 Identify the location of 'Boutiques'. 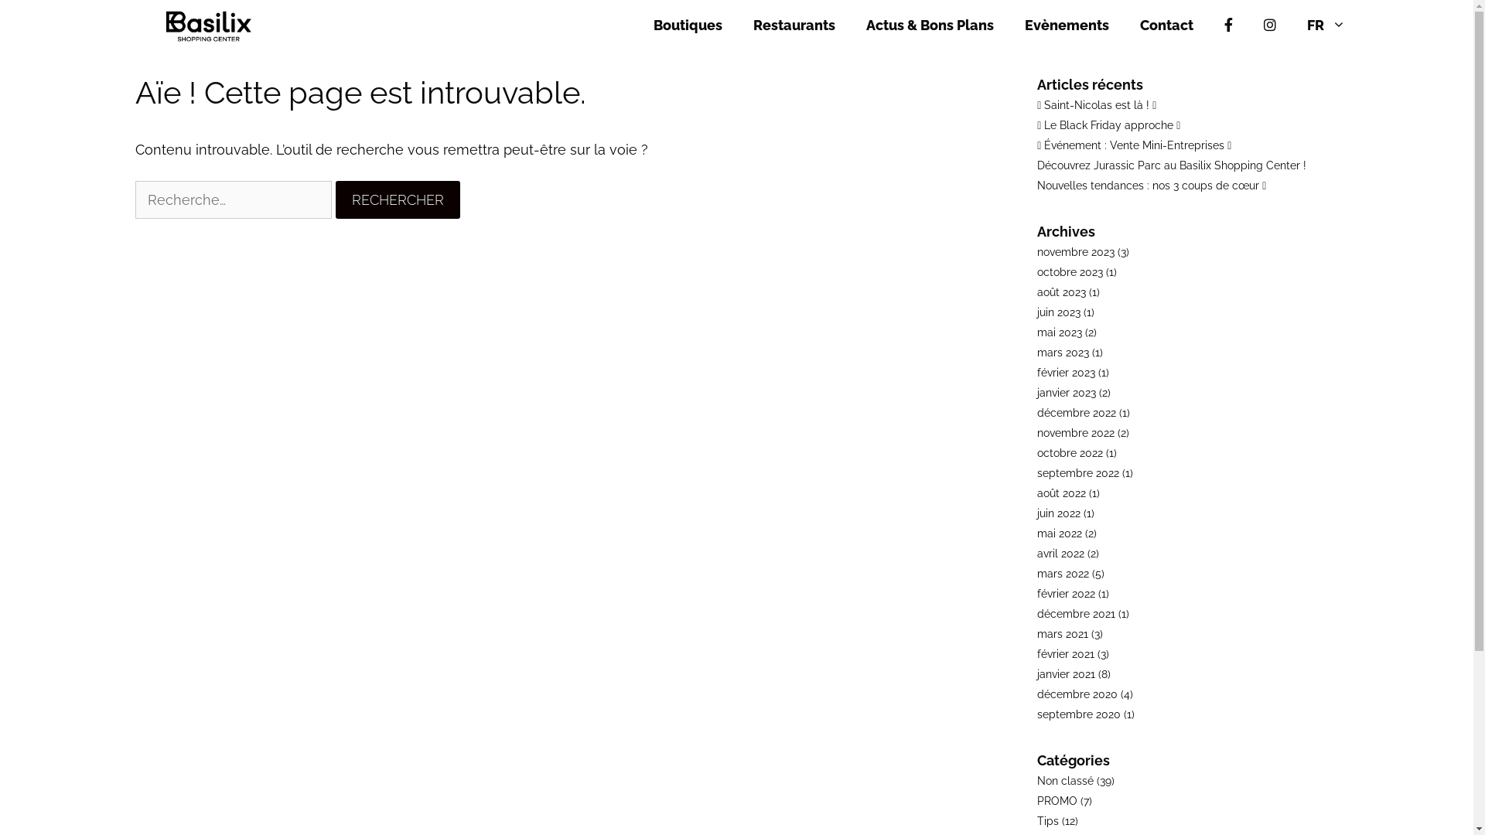
(687, 26).